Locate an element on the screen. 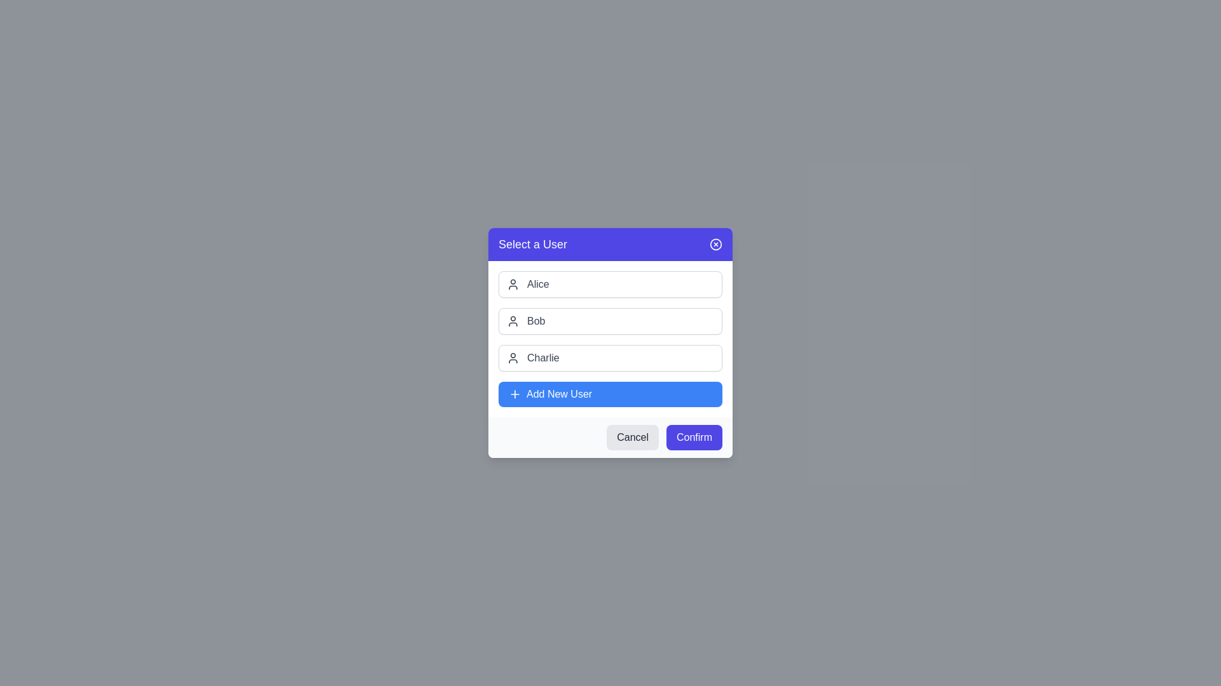 This screenshot has height=686, width=1221. title 'Select a User' in the purple title bar at the top of the modal dialog box to understand its purpose is located at coordinates (610, 245).